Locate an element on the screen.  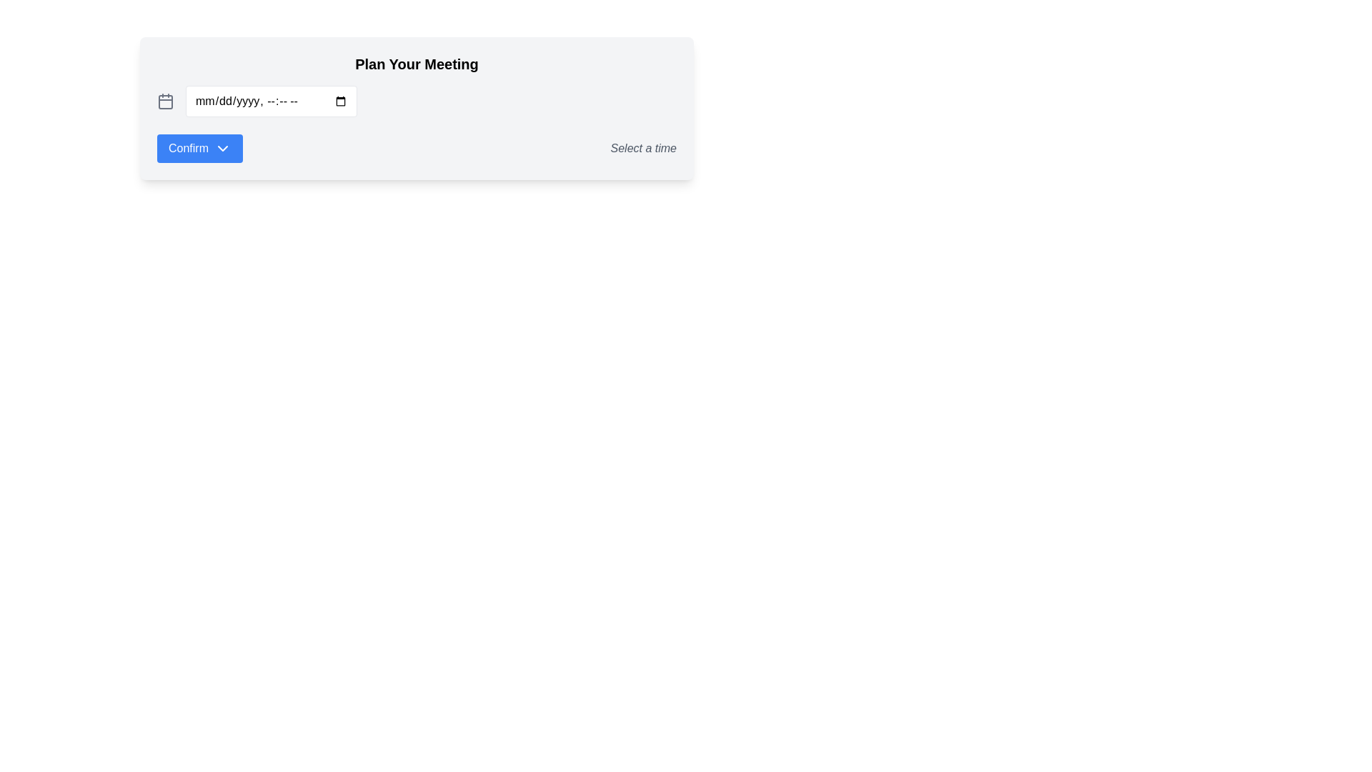
the dropdown icon located to the right of the 'Confirm' button, indicating expandable menu functionality is located at coordinates (222, 149).